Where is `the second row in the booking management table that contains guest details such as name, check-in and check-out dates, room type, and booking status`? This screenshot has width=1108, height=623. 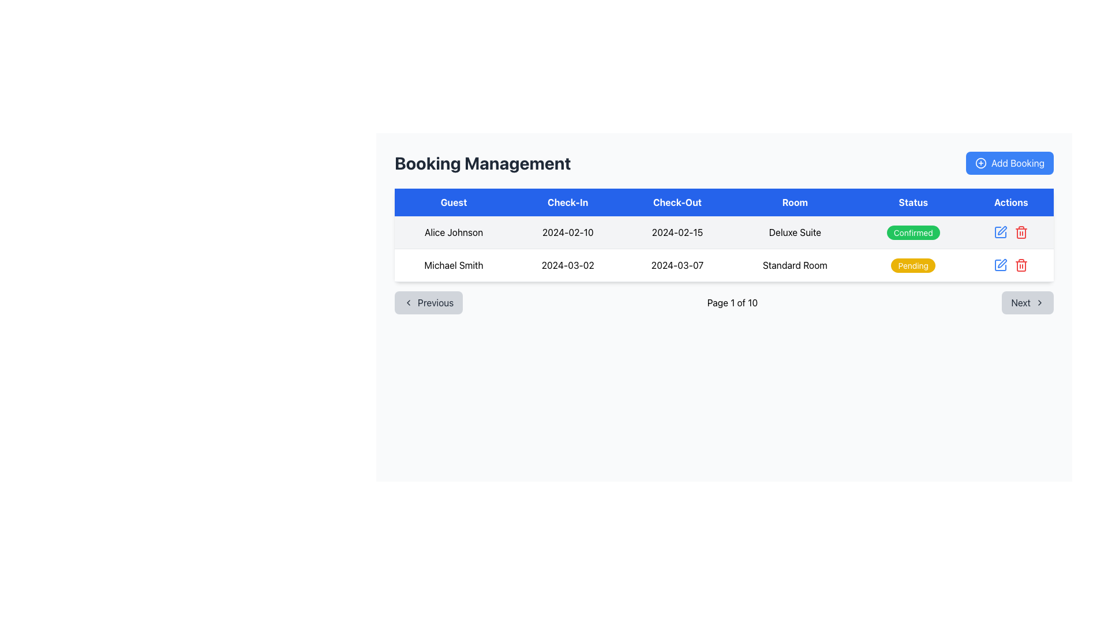
the second row in the booking management table that contains guest details such as name, check-in and check-out dates, room type, and booking status is located at coordinates (723, 265).